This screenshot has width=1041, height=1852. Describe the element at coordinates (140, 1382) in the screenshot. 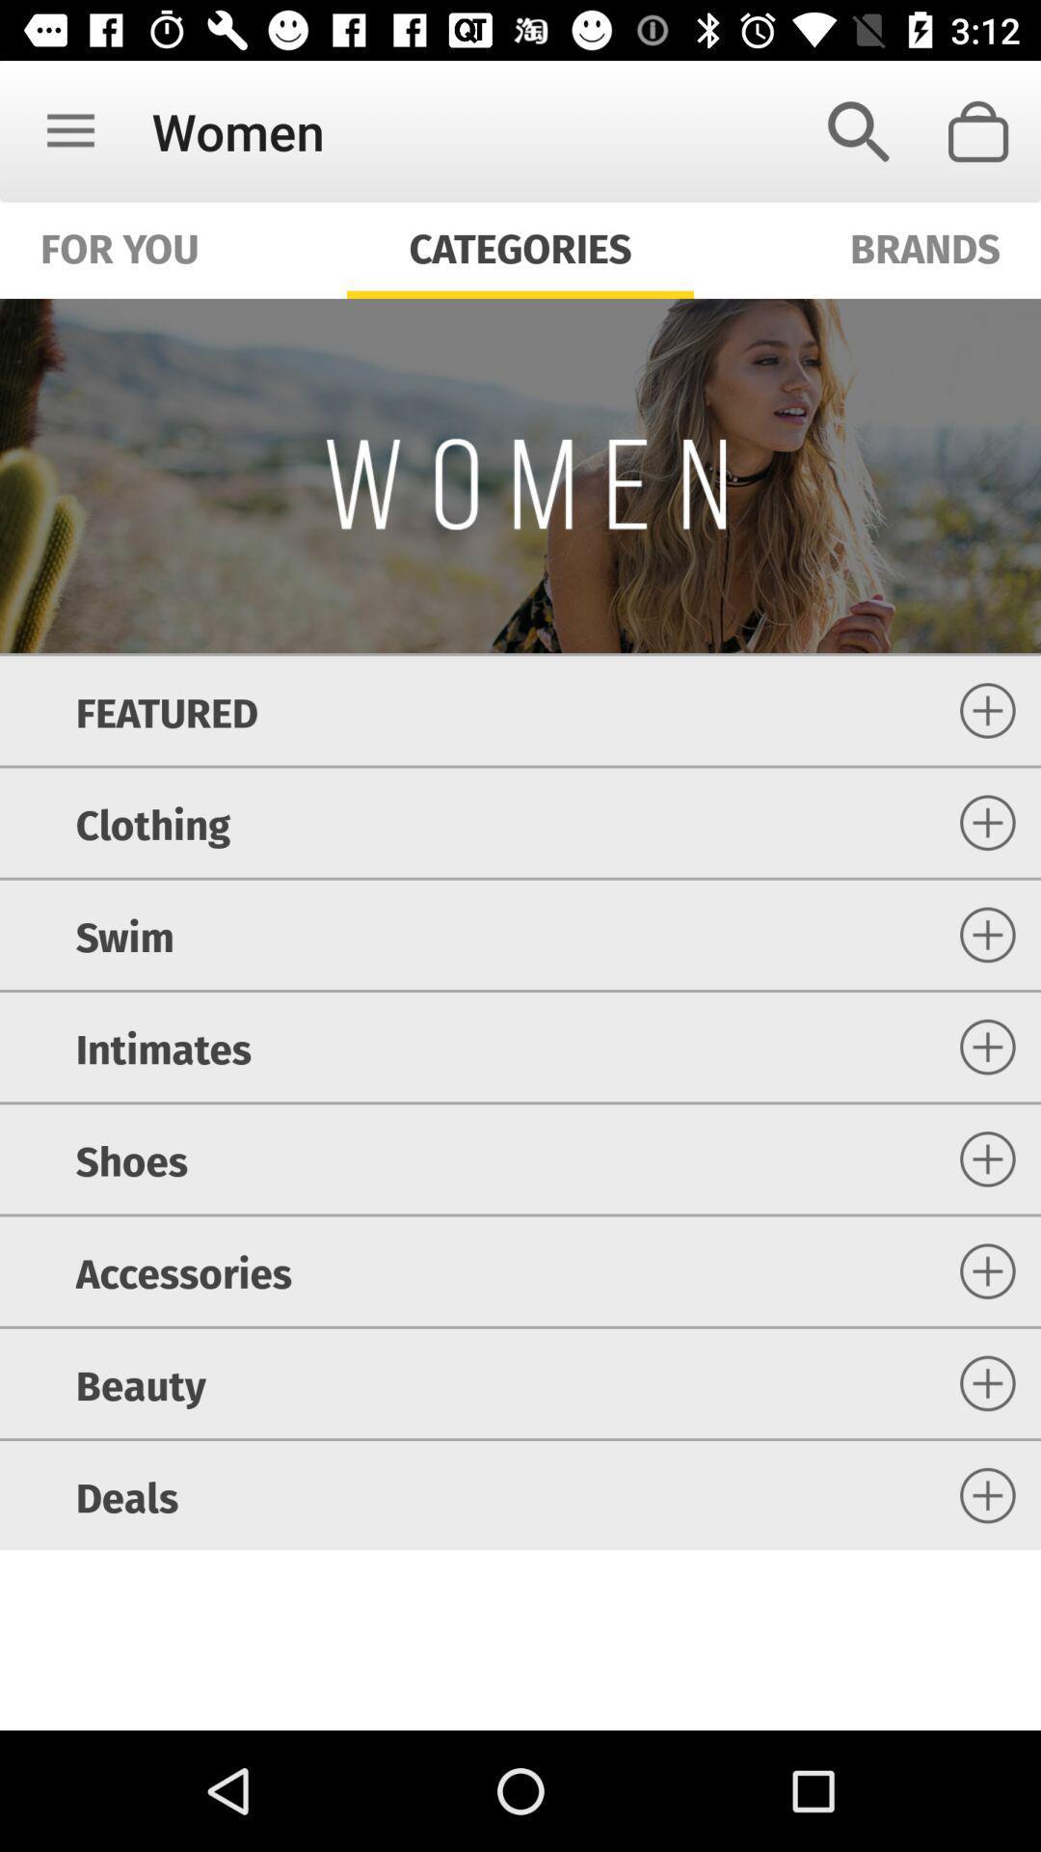

I see `item below the accessories` at that location.